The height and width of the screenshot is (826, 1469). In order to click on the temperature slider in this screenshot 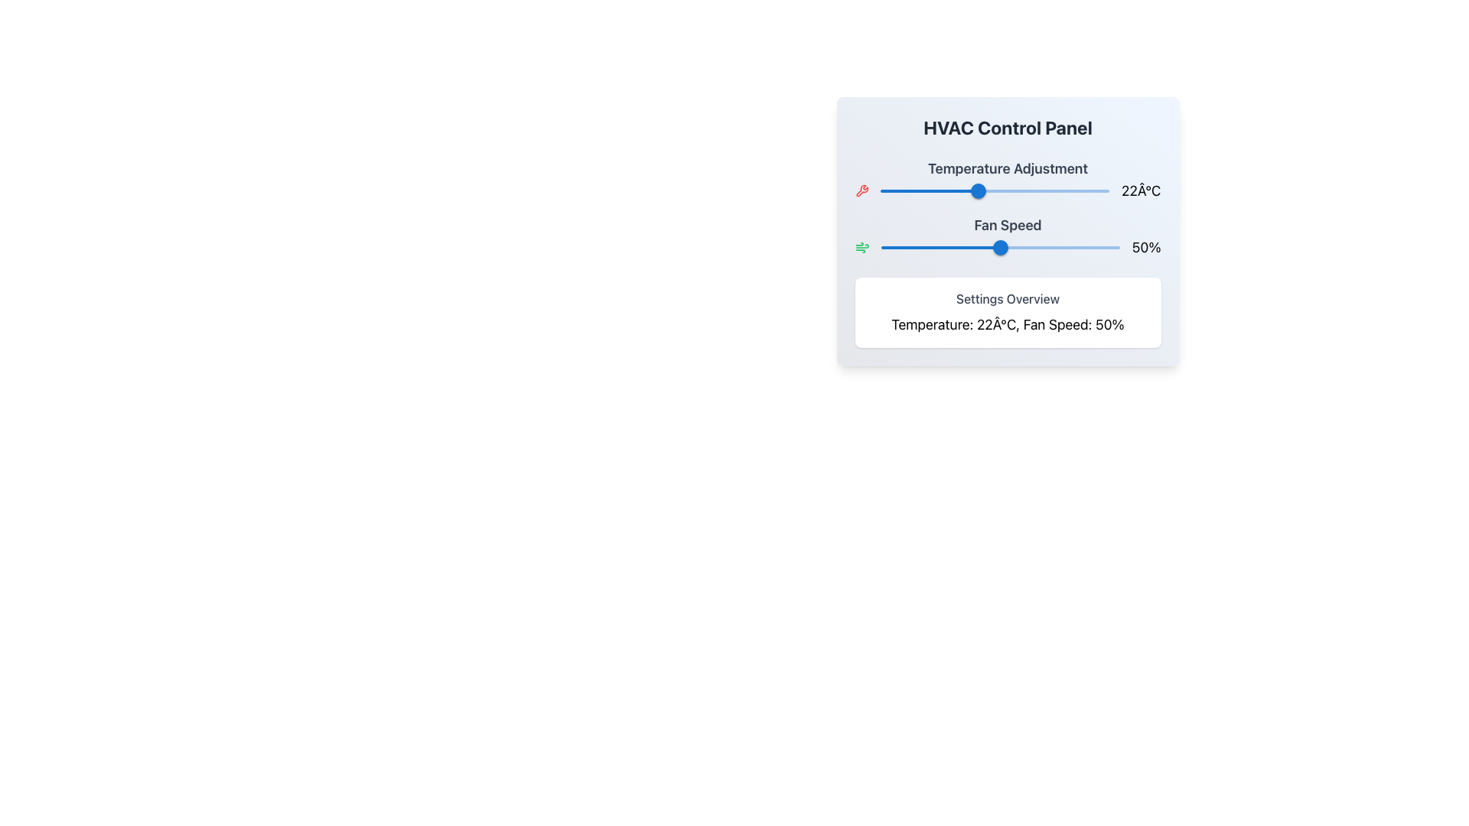, I will do `click(981, 190)`.